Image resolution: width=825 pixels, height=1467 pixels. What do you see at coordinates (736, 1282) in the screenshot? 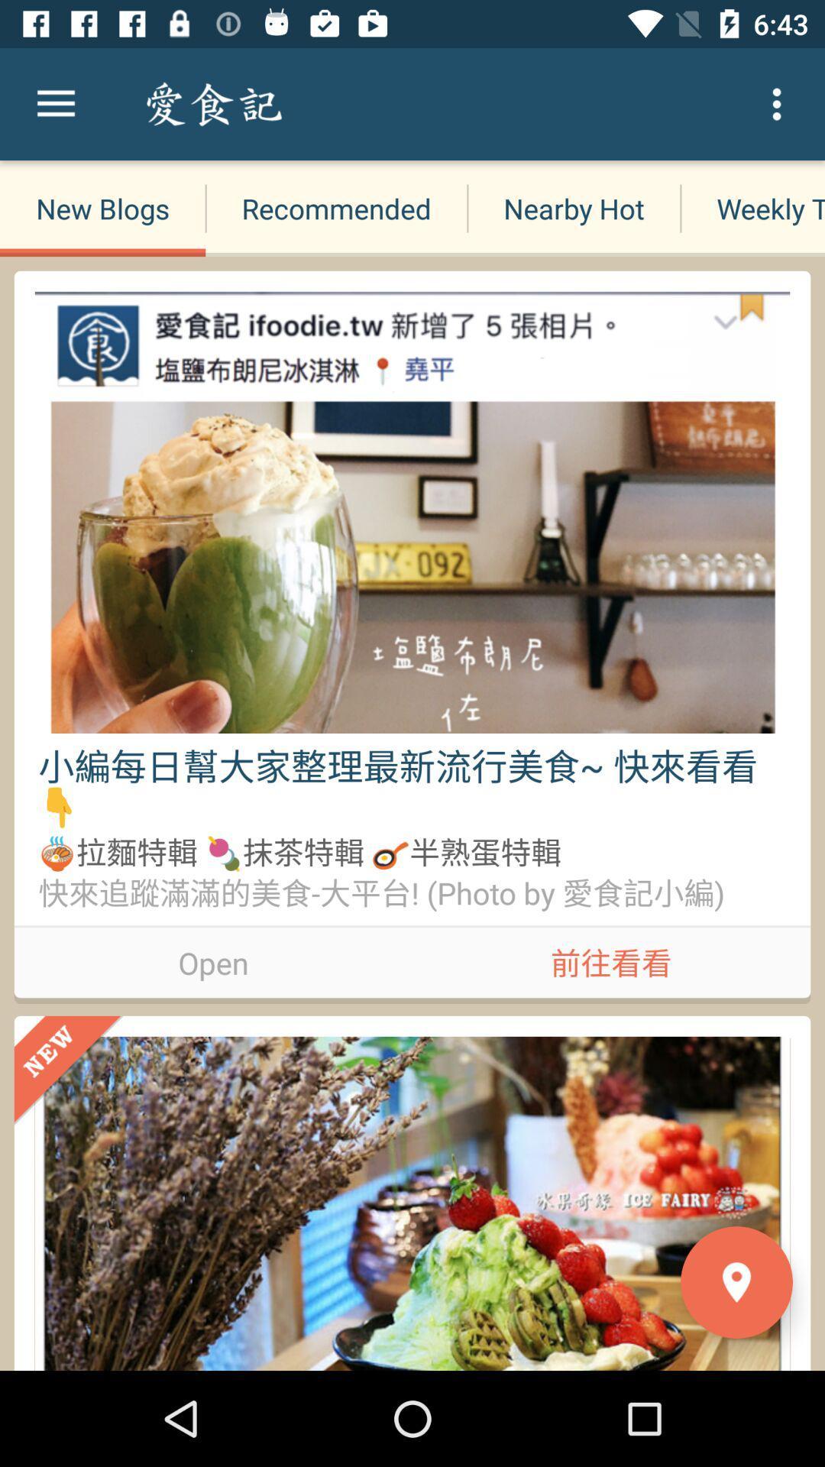
I see `the item at the bottom right corner` at bounding box center [736, 1282].